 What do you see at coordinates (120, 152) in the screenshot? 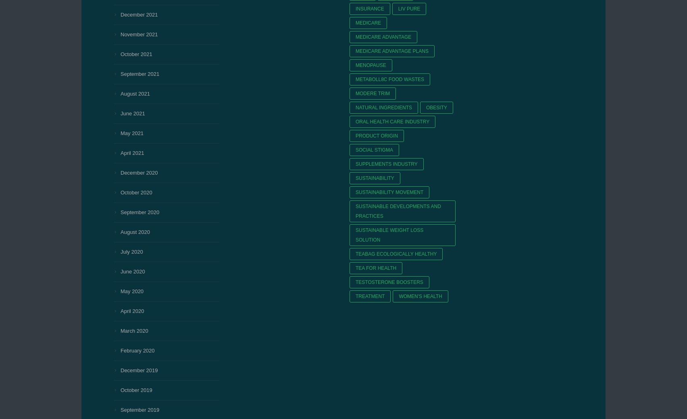
I see `'April 2021'` at bounding box center [120, 152].